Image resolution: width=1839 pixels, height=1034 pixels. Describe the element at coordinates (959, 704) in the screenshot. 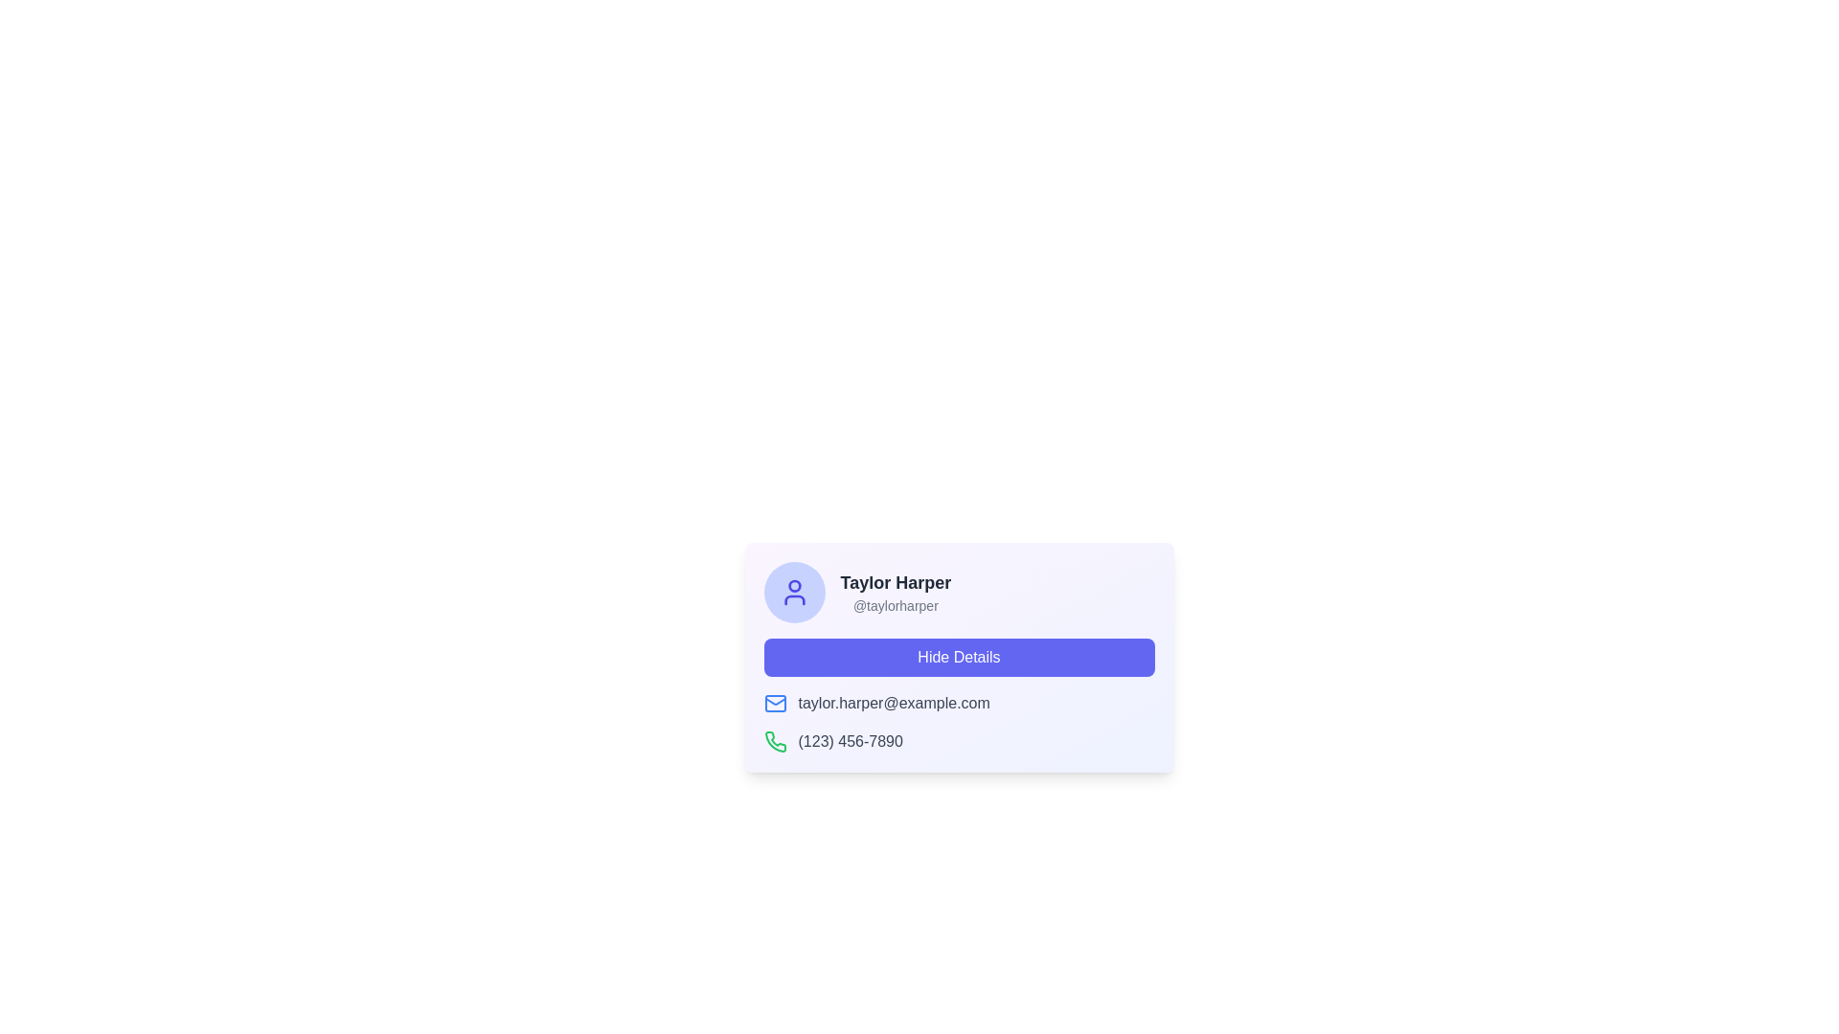

I see `the Text with Icon element that displays an email address, located at the bottom of the card-like layout` at that location.